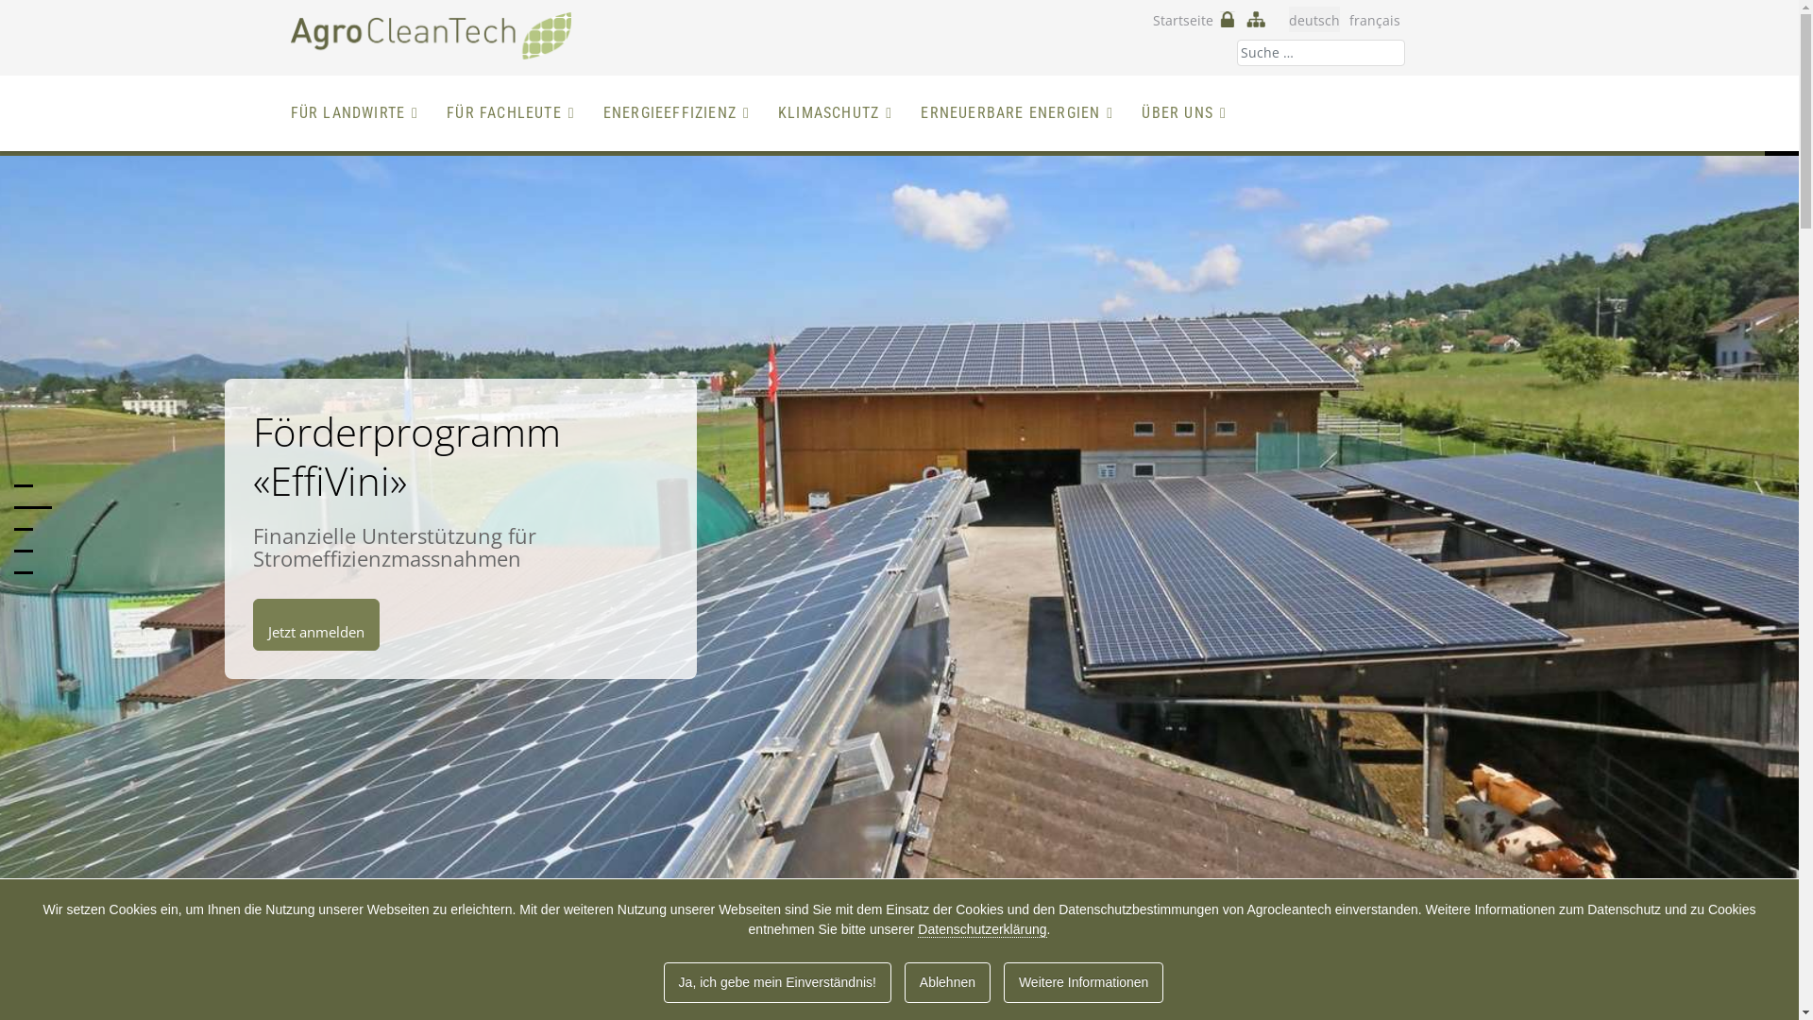 The width and height of the screenshot is (1813, 1020). Describe the element at coordinates (1181, 20) in the screenshot. I see `'Startseite'` at that location.